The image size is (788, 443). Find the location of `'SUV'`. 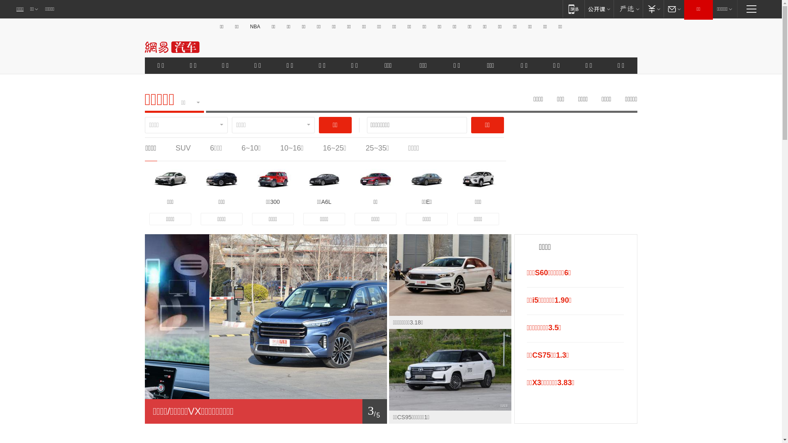

'SUV' is located at coordinates (183, 148).